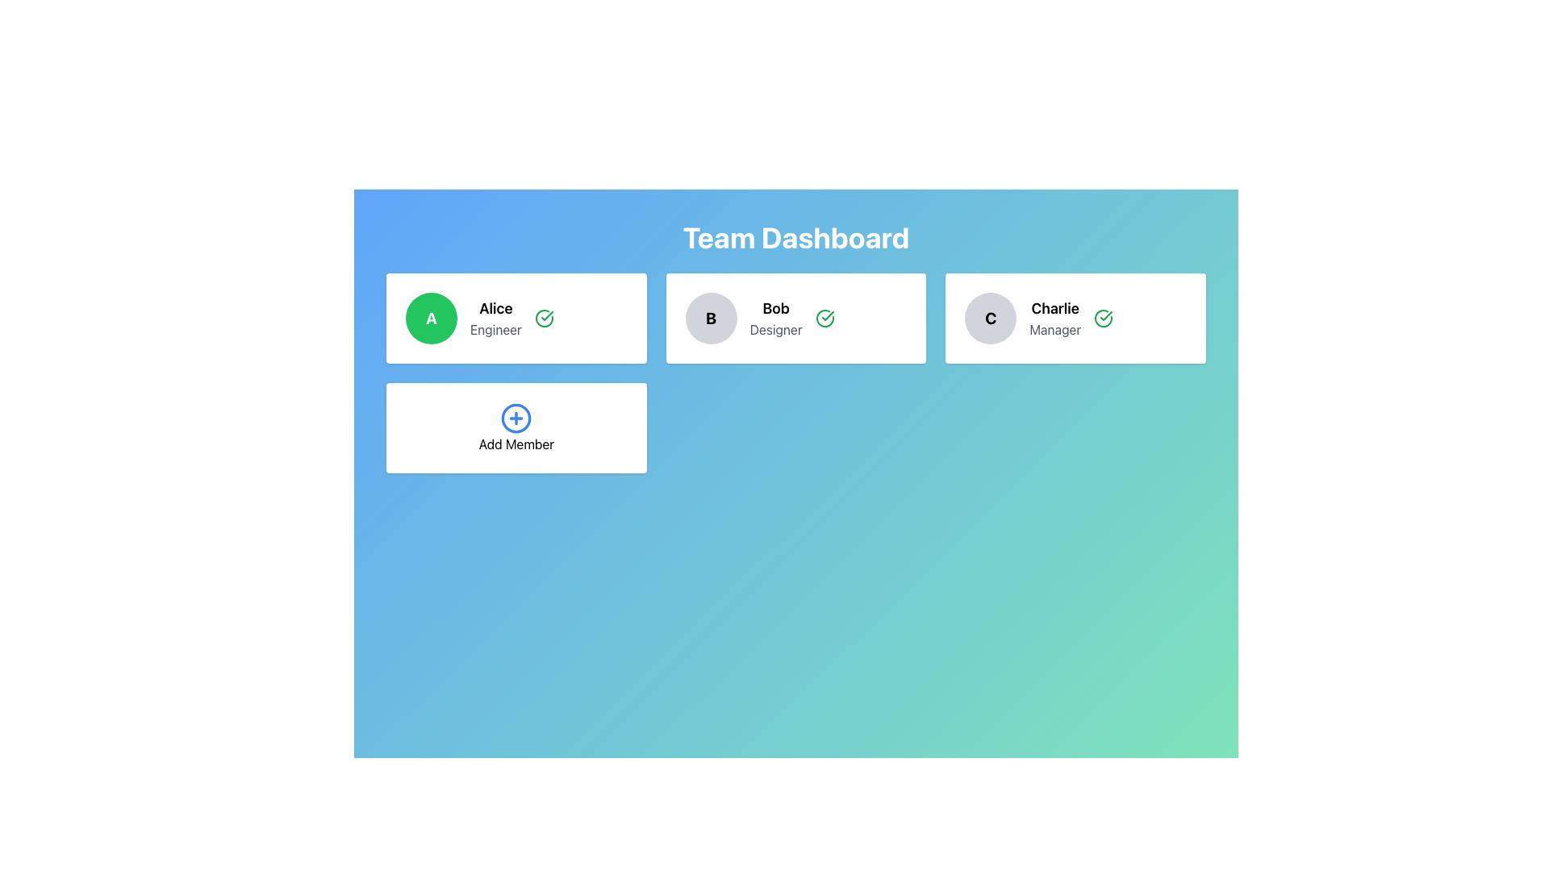  What do you see at coordinates (495, 328) in the screenshot?
I see `the text label displaying 'Engineer', which is styled in gray and located below the text 'Alice' in the first card of the 'Team Dashboard' section` at bounding box center [495, 328].